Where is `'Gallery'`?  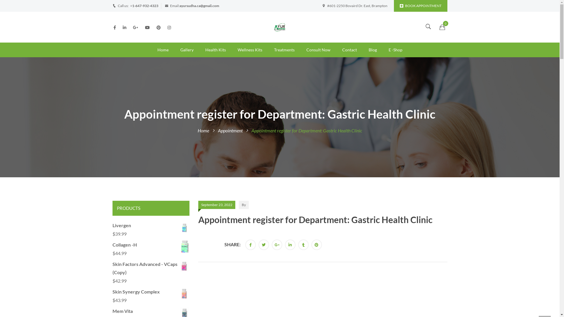
'Gallery' is located at coordinates (187, 49).